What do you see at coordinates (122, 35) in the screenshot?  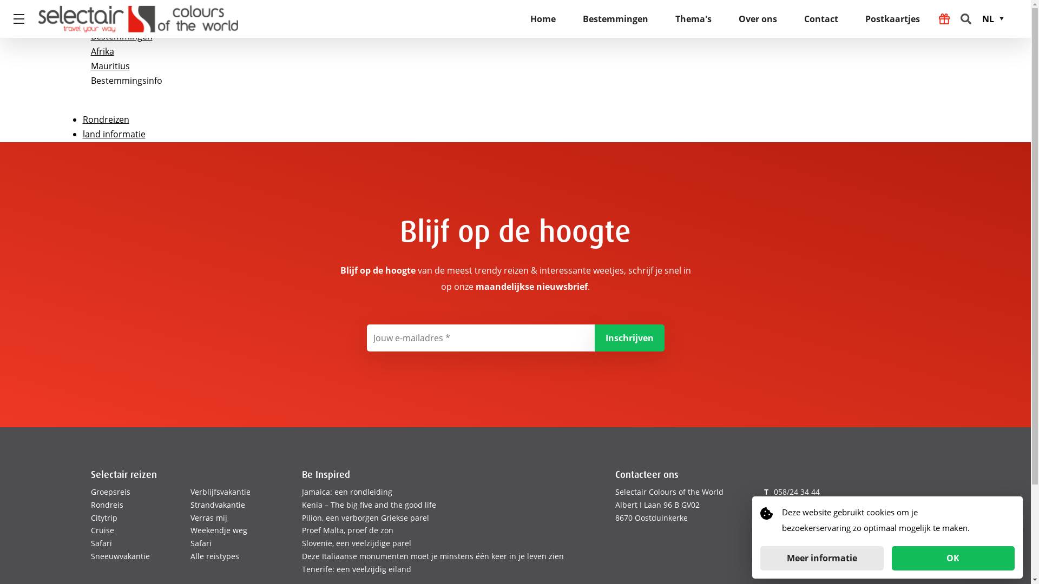 I see `'Bestemmingen'` at bounding box center [122, 35].